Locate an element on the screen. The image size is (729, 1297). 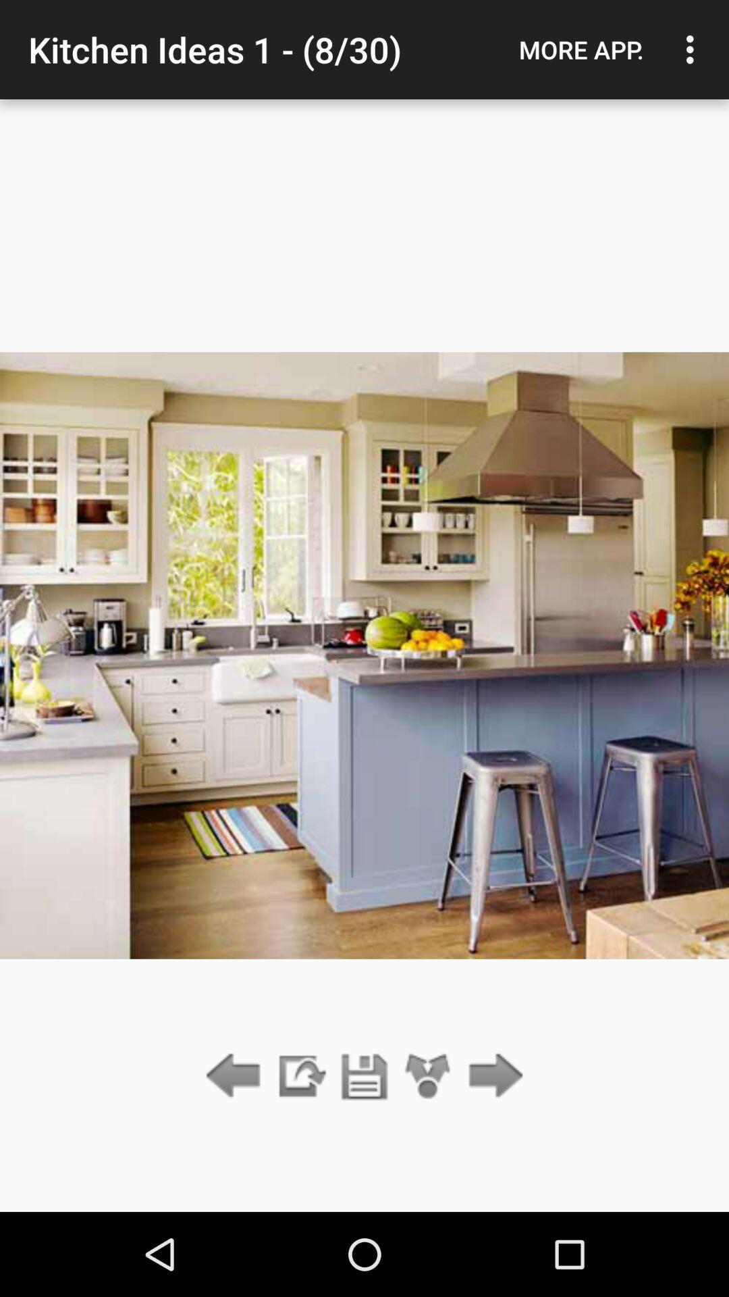
the launch icon is located at coordinates (300, 1076).